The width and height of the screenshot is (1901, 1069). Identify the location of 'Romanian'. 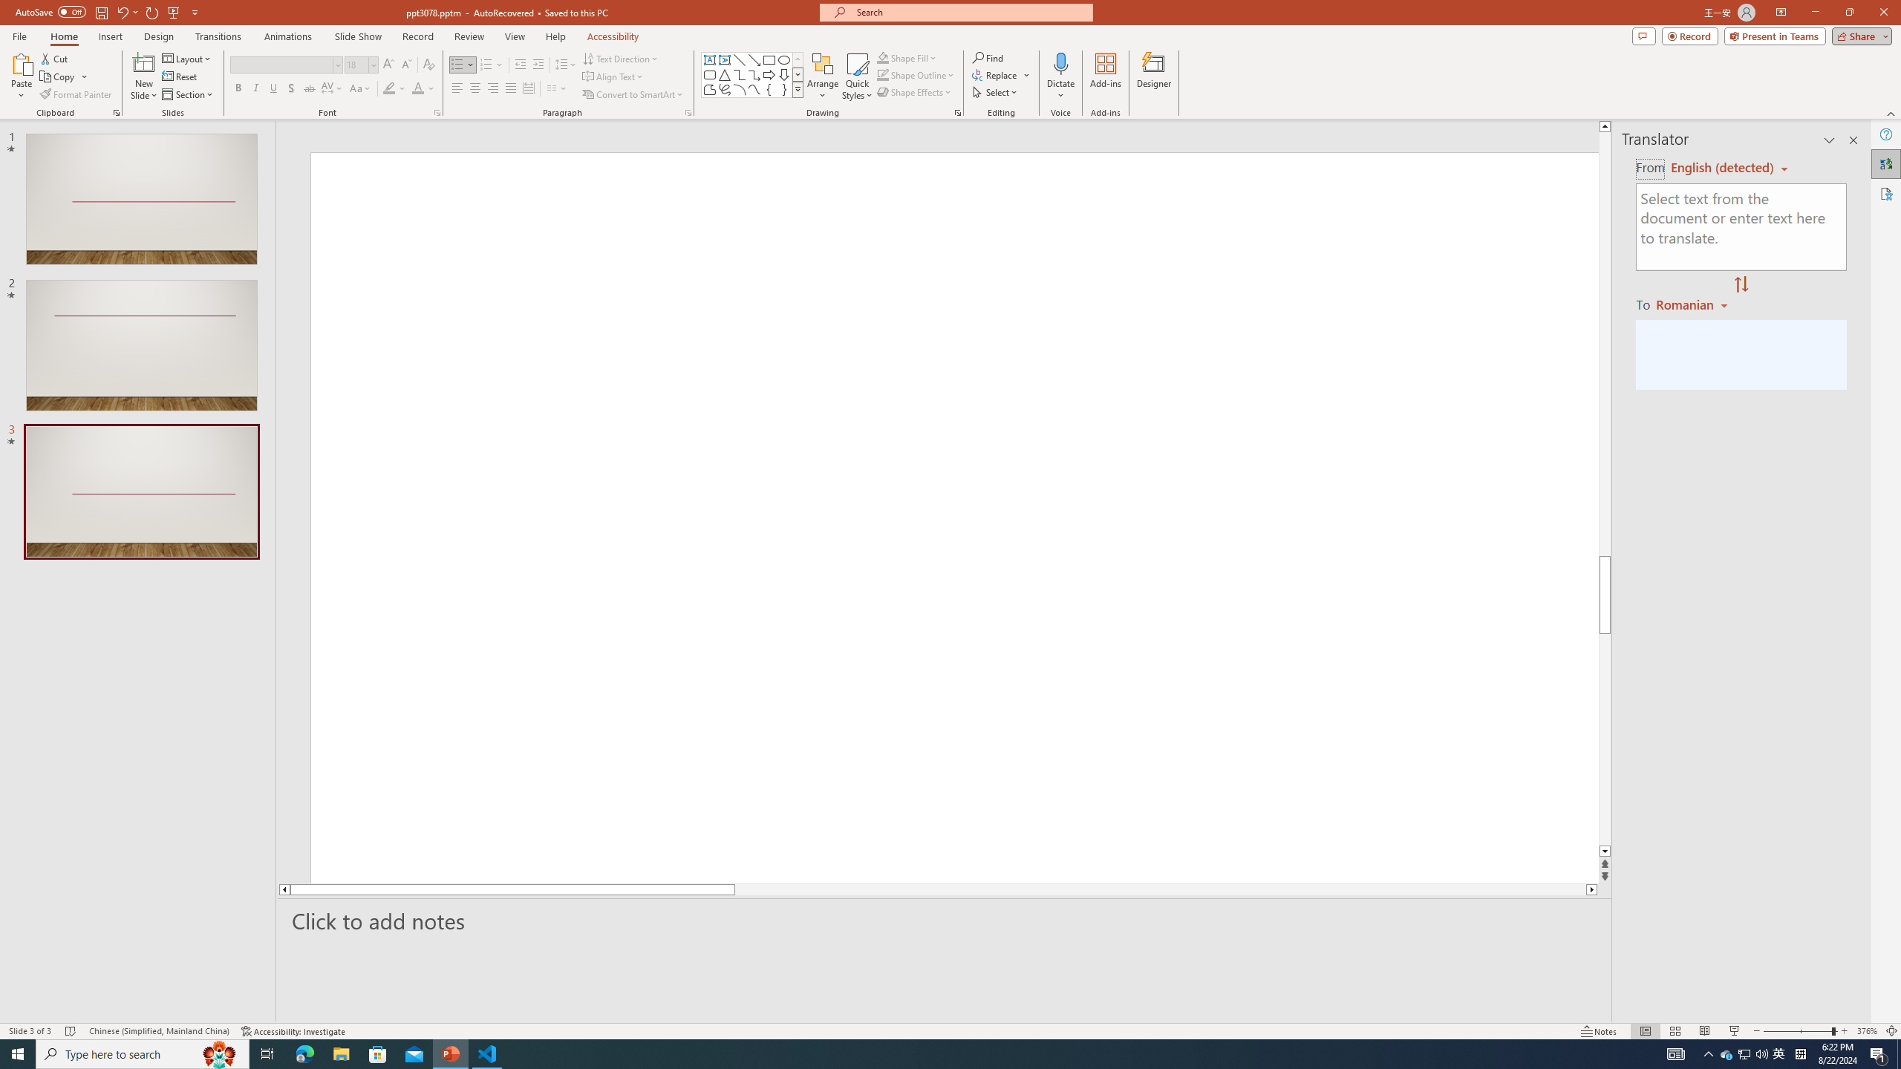
(1692, 304).